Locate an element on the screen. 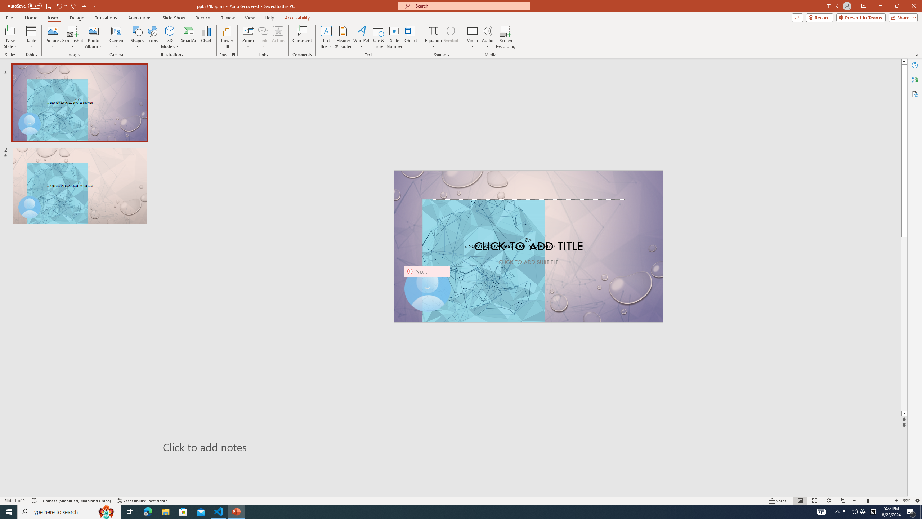  'Subtitle TextBox' is located at coordinates (528, 271).